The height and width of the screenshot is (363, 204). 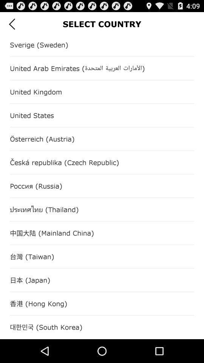 What do you see at coordinates (11, 25) in the screenshot?
I see `the arrow_backward icon` at bounding box center [11, 25].